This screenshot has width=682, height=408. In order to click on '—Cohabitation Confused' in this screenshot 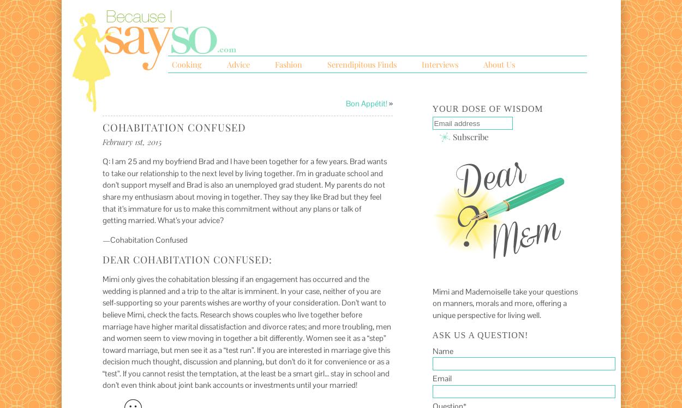, I will do `click(145, 239)`.